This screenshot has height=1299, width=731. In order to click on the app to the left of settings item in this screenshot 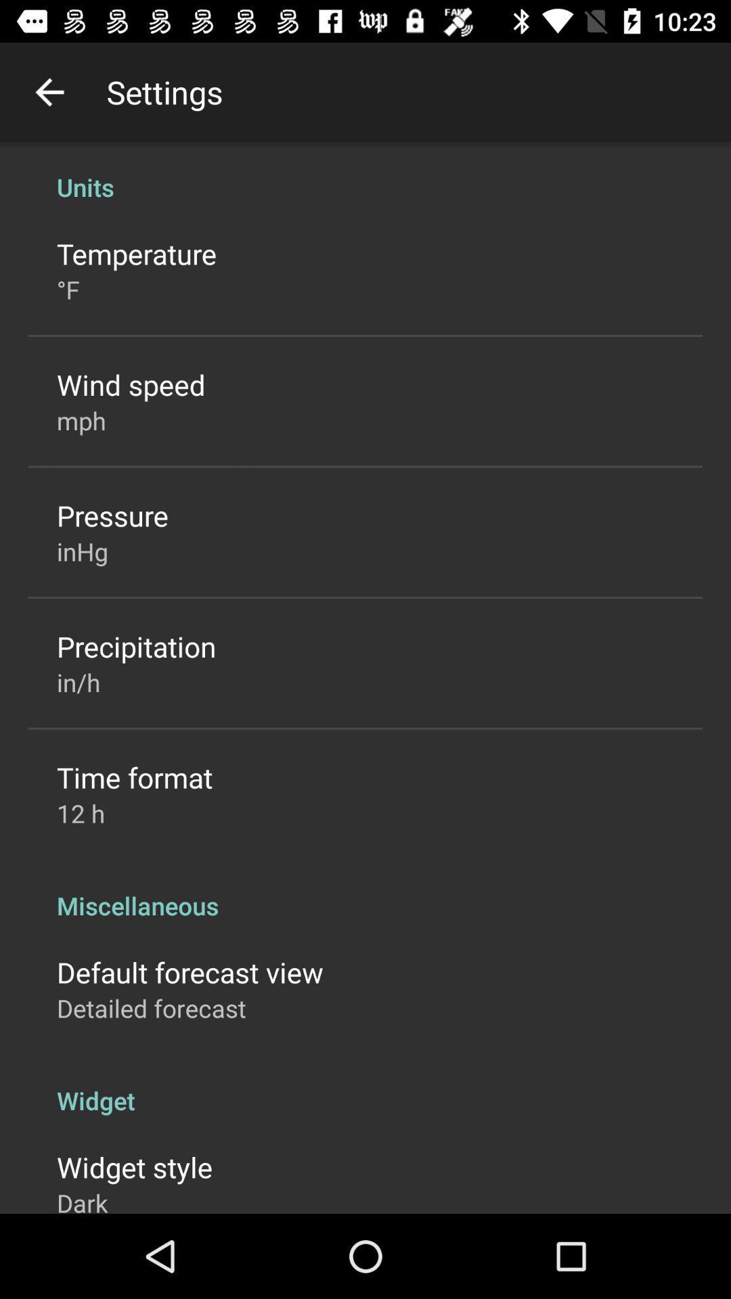, I will do `click(49, 91)`.